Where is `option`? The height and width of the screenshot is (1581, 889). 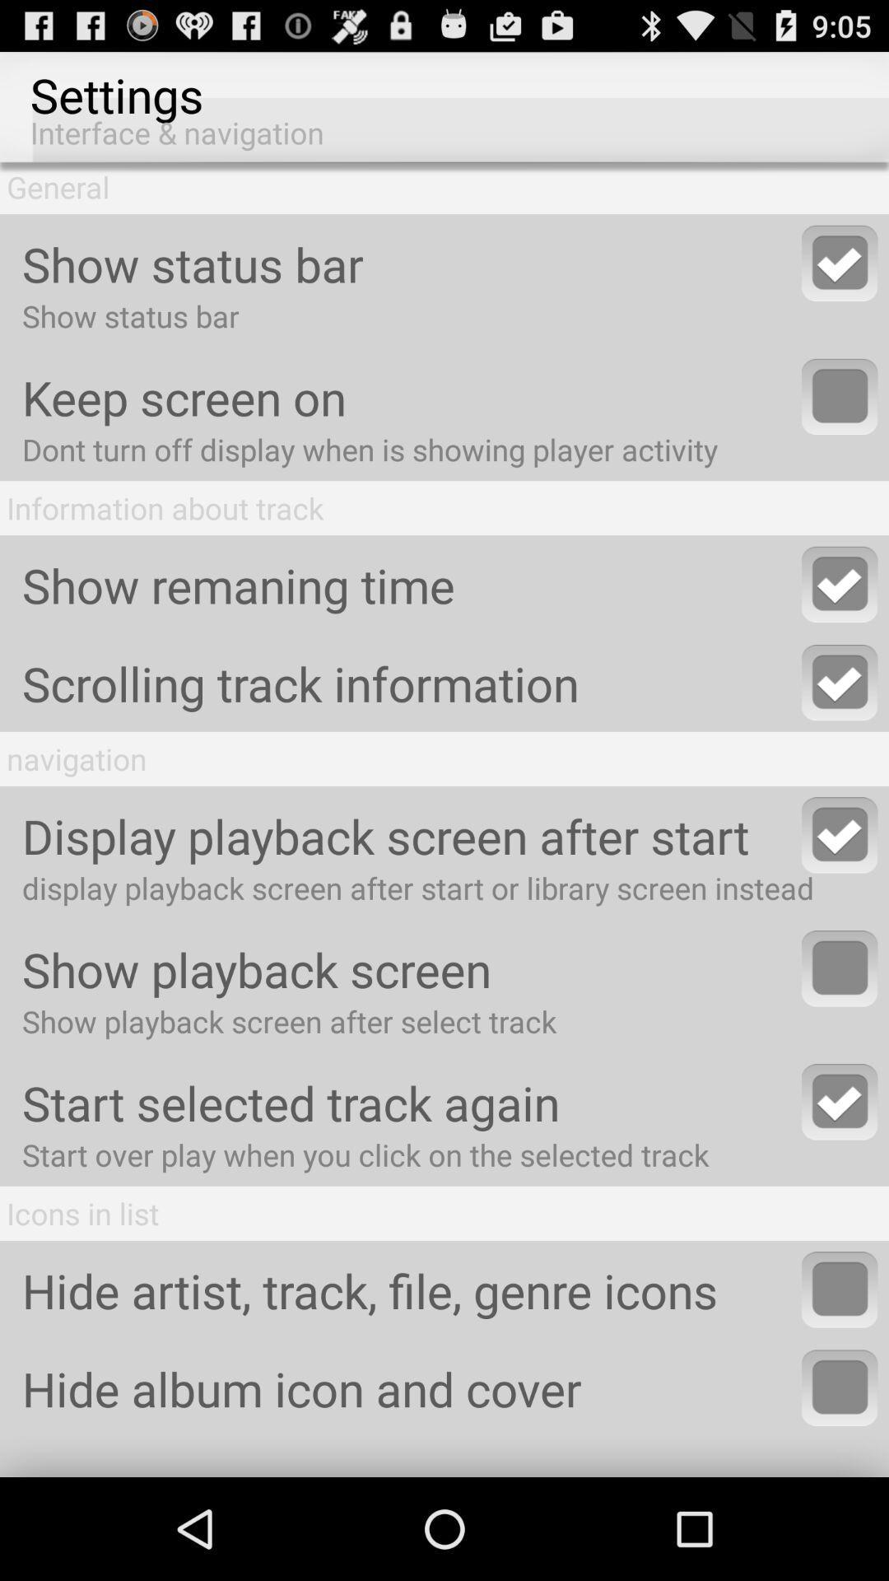
option is located at coordinates (840, 1102).